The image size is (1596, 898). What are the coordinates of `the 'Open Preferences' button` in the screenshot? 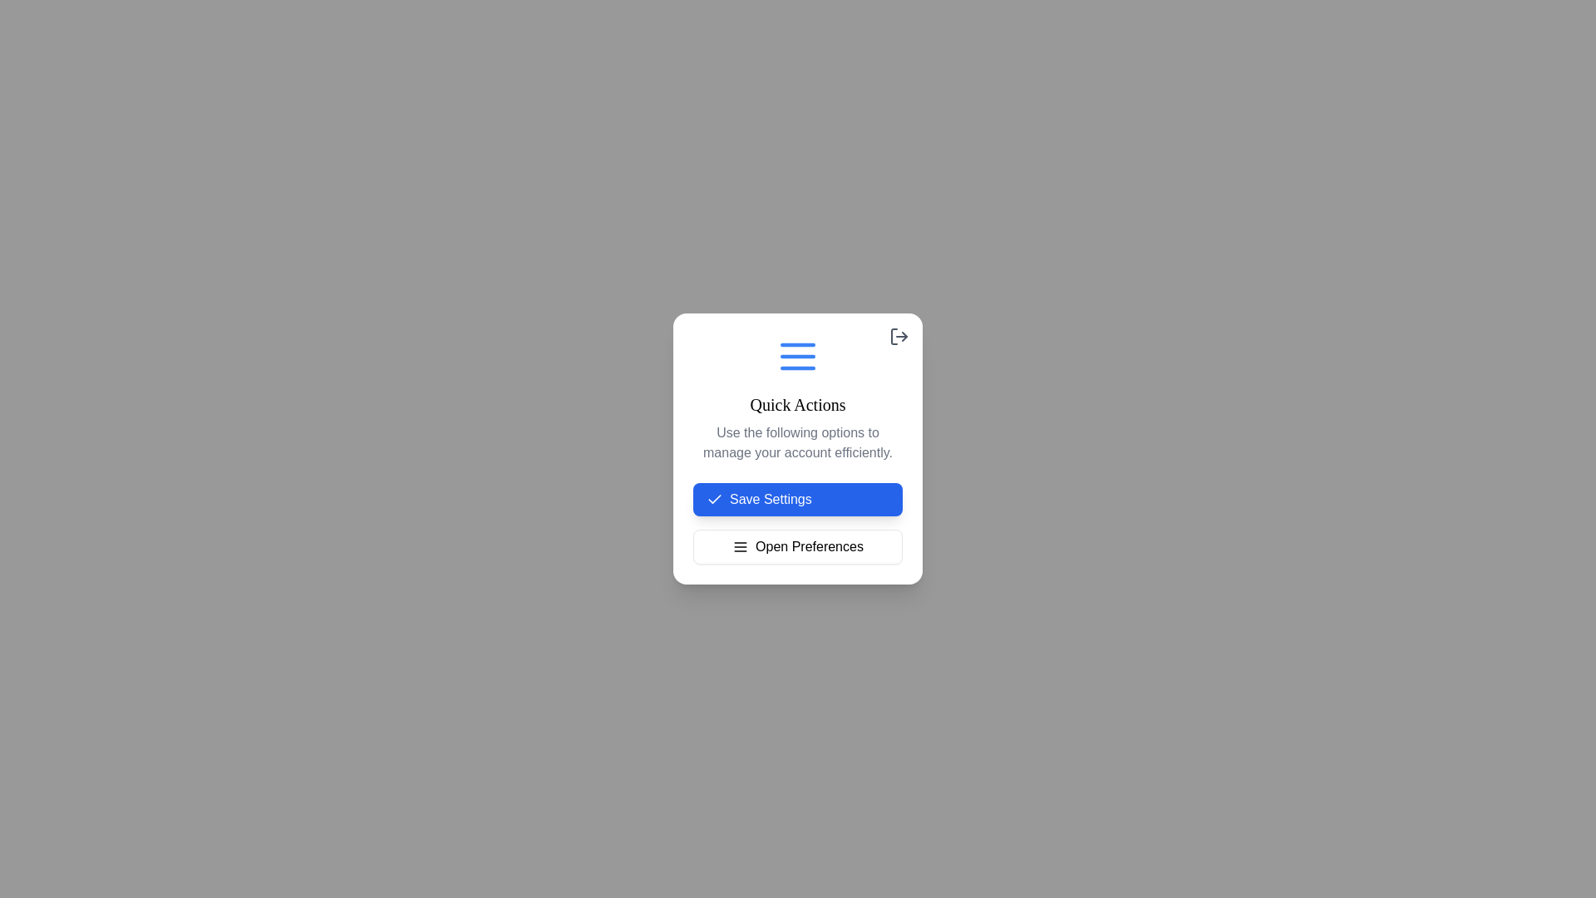 It's located at (798, 547).